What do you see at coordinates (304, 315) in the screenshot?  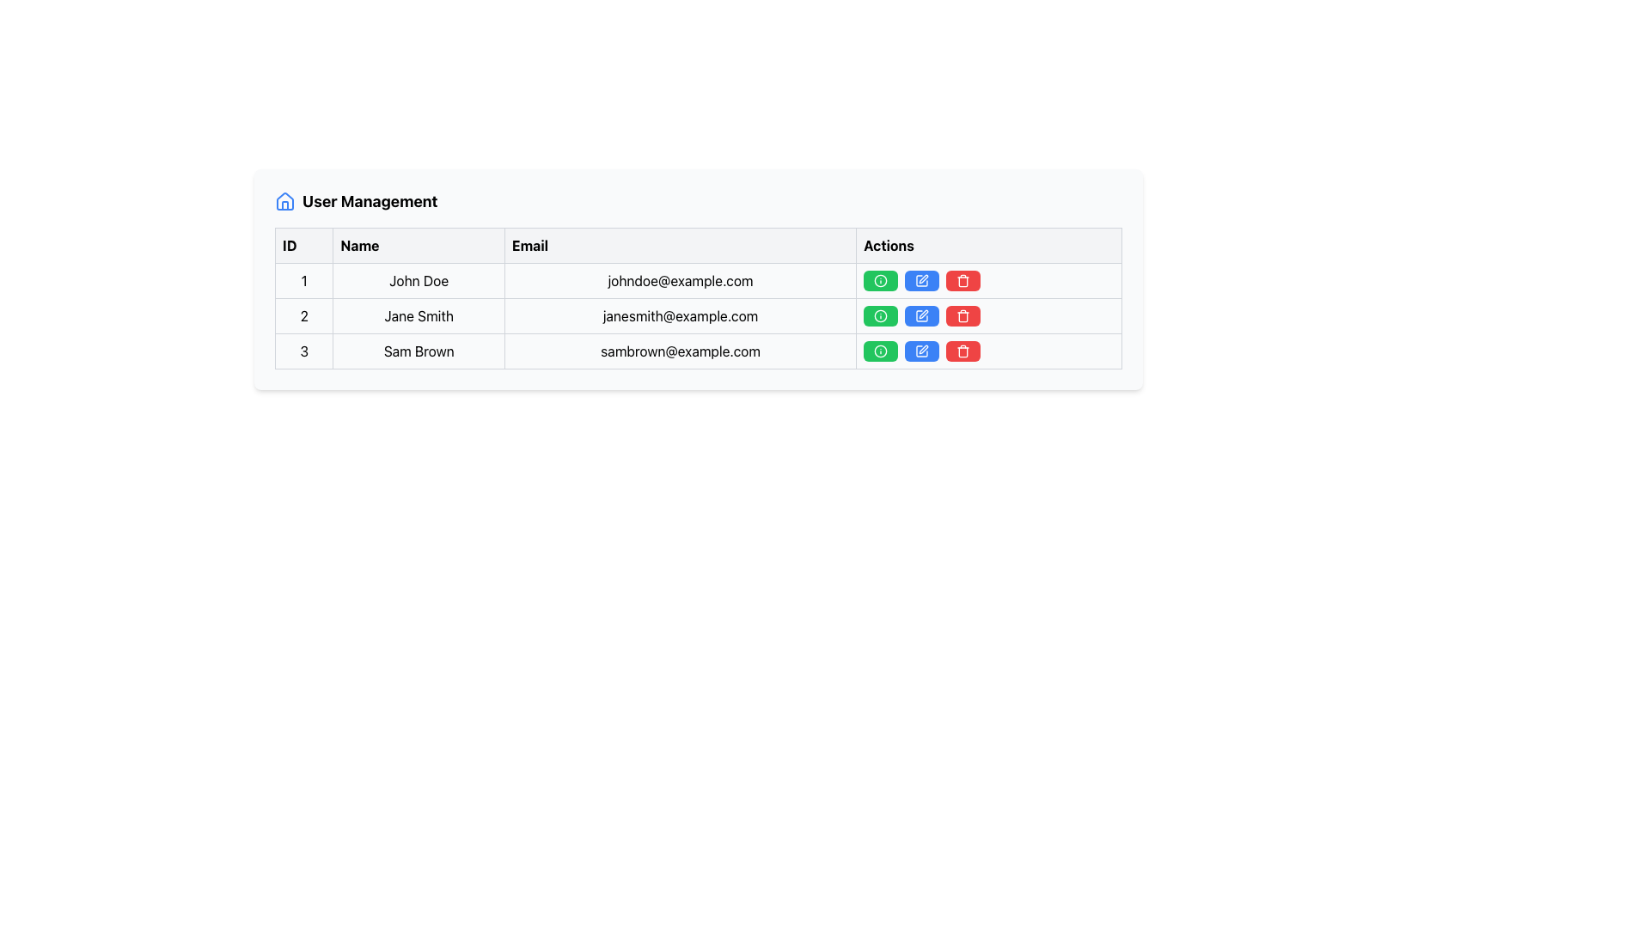 I see `the text label displaying the identifier '2' in the second row of the table under the 'ID' column, which is the first element in its row` at bounding box center [304, 315].